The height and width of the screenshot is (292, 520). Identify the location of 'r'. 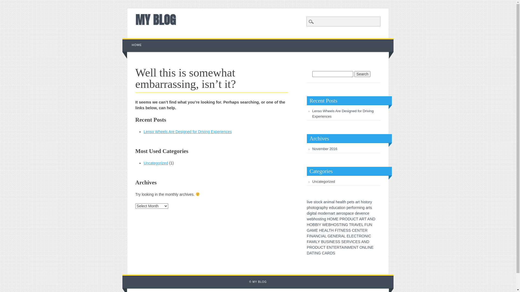
(356, 207).